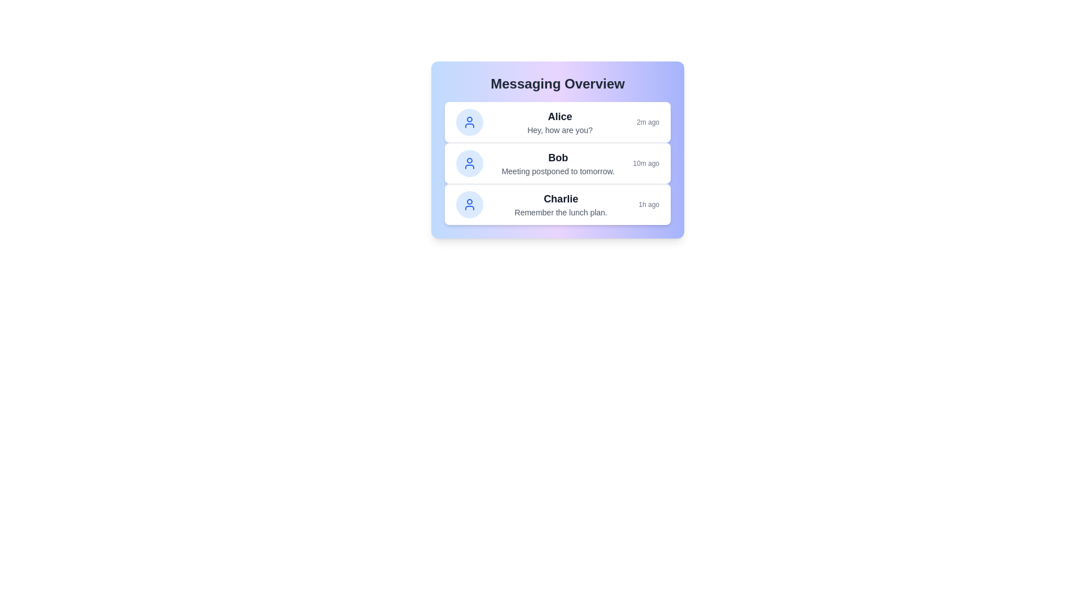 The height and width of the screenshot is (609, 1084). What do you see at coordinates (558, 204) in the screenshot?
I see `the list item corresponding to Charlie` at bounding box center [558, 204].